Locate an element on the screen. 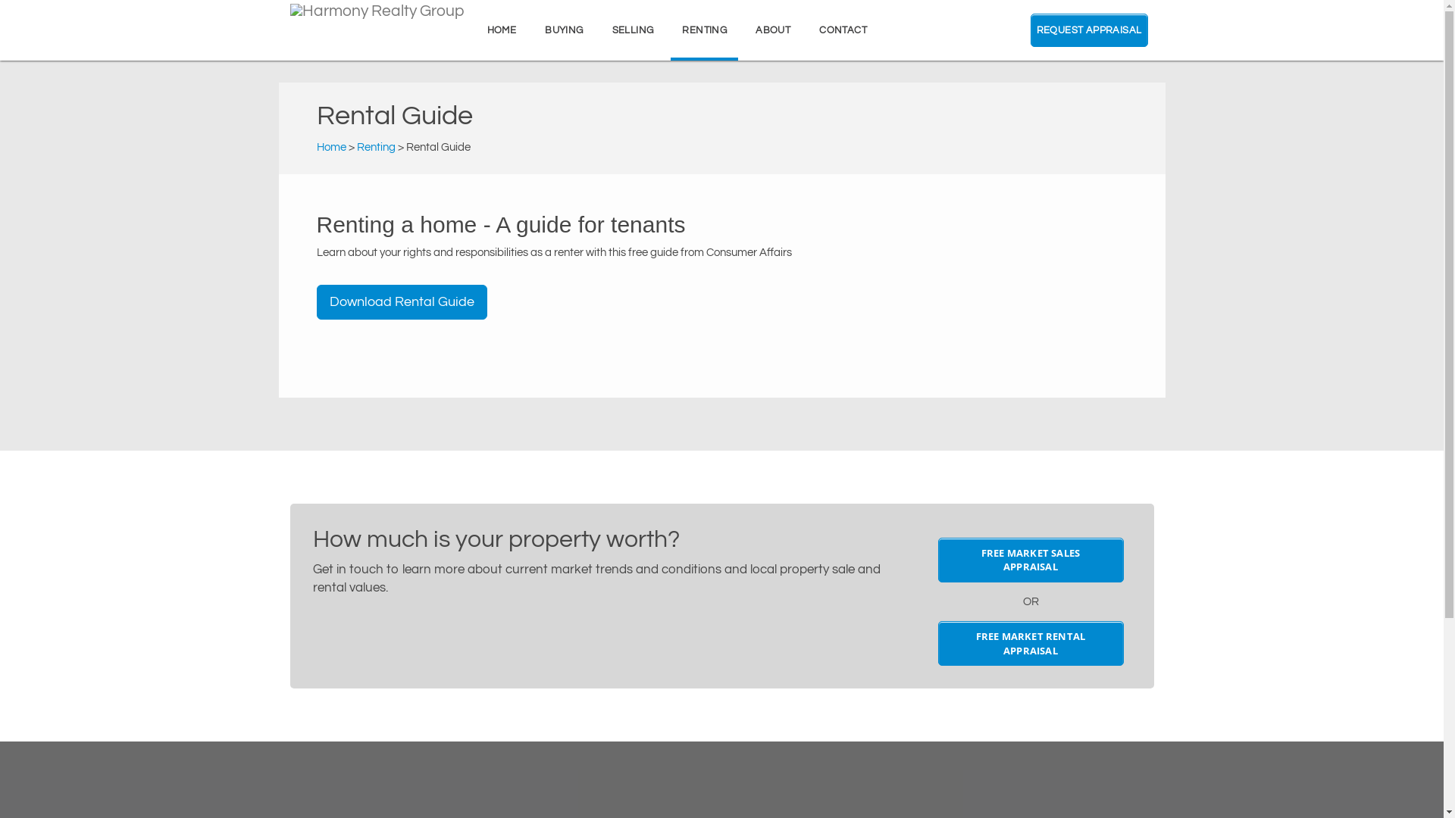  'FREE MARKET RENTAL APPRAISAL' is located at coordinates (1031, 643).